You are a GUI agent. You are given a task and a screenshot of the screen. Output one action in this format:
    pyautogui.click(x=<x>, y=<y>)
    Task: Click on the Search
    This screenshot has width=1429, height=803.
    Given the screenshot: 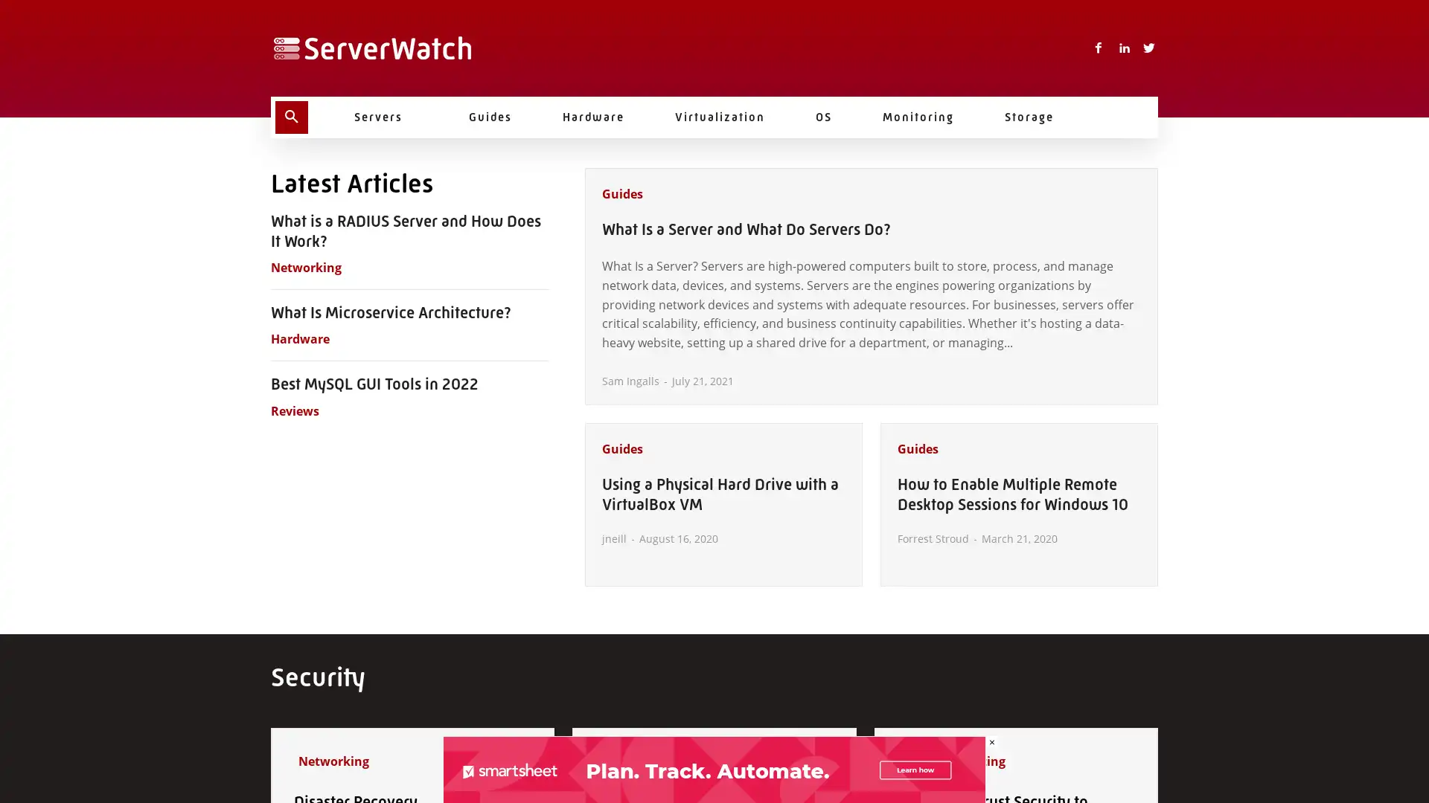 What is the action you would take?
    pyautogui.click(x=292, y=117)
    